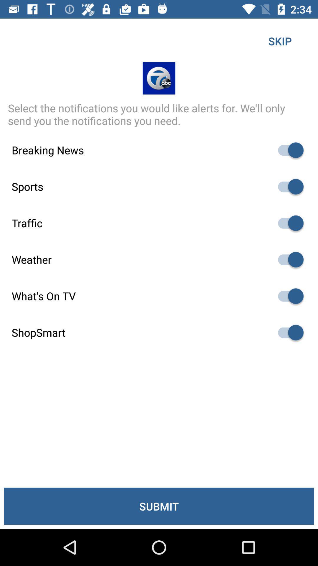 The width and height of the screenshot is (318, 566). I want to click on traffic option, so click(288, 223).